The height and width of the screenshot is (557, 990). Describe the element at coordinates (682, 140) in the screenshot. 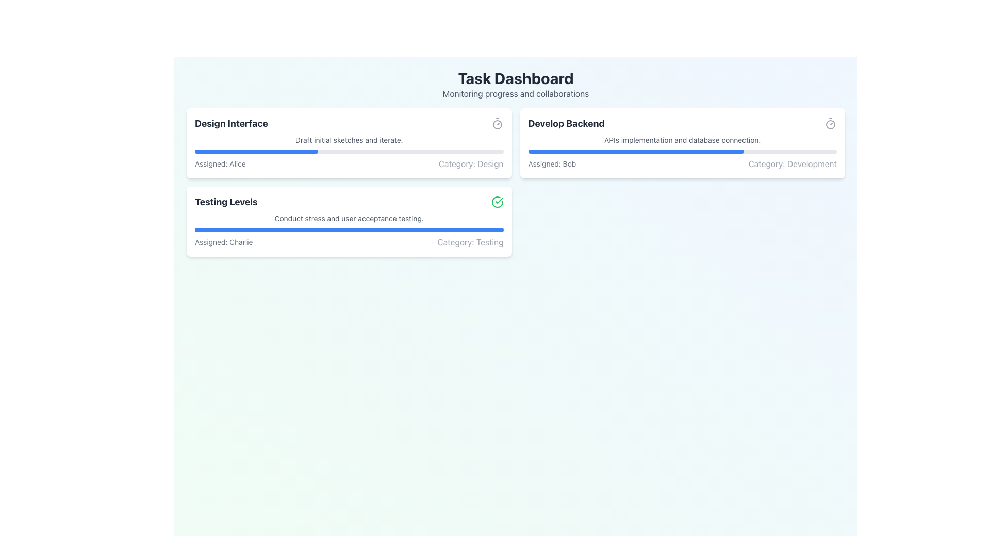

I see `the Text Label displaying 'APIs implementation and database connection.' which is positioned below the title 'Develop Backend'` at that location.